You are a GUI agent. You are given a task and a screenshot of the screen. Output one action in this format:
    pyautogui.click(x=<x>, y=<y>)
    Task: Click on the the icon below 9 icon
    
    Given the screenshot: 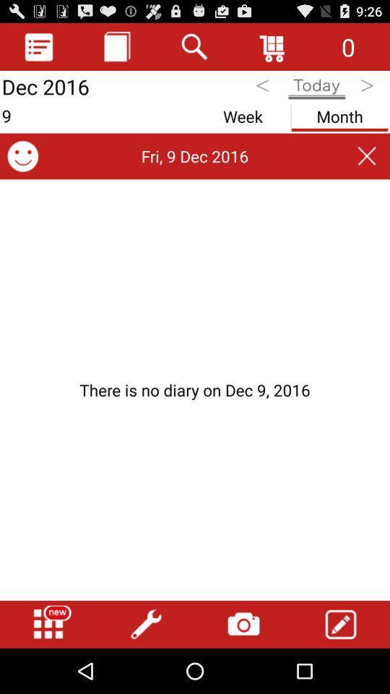 What is the action you would take?
    pyautogui.click(x=22, y=156)
    